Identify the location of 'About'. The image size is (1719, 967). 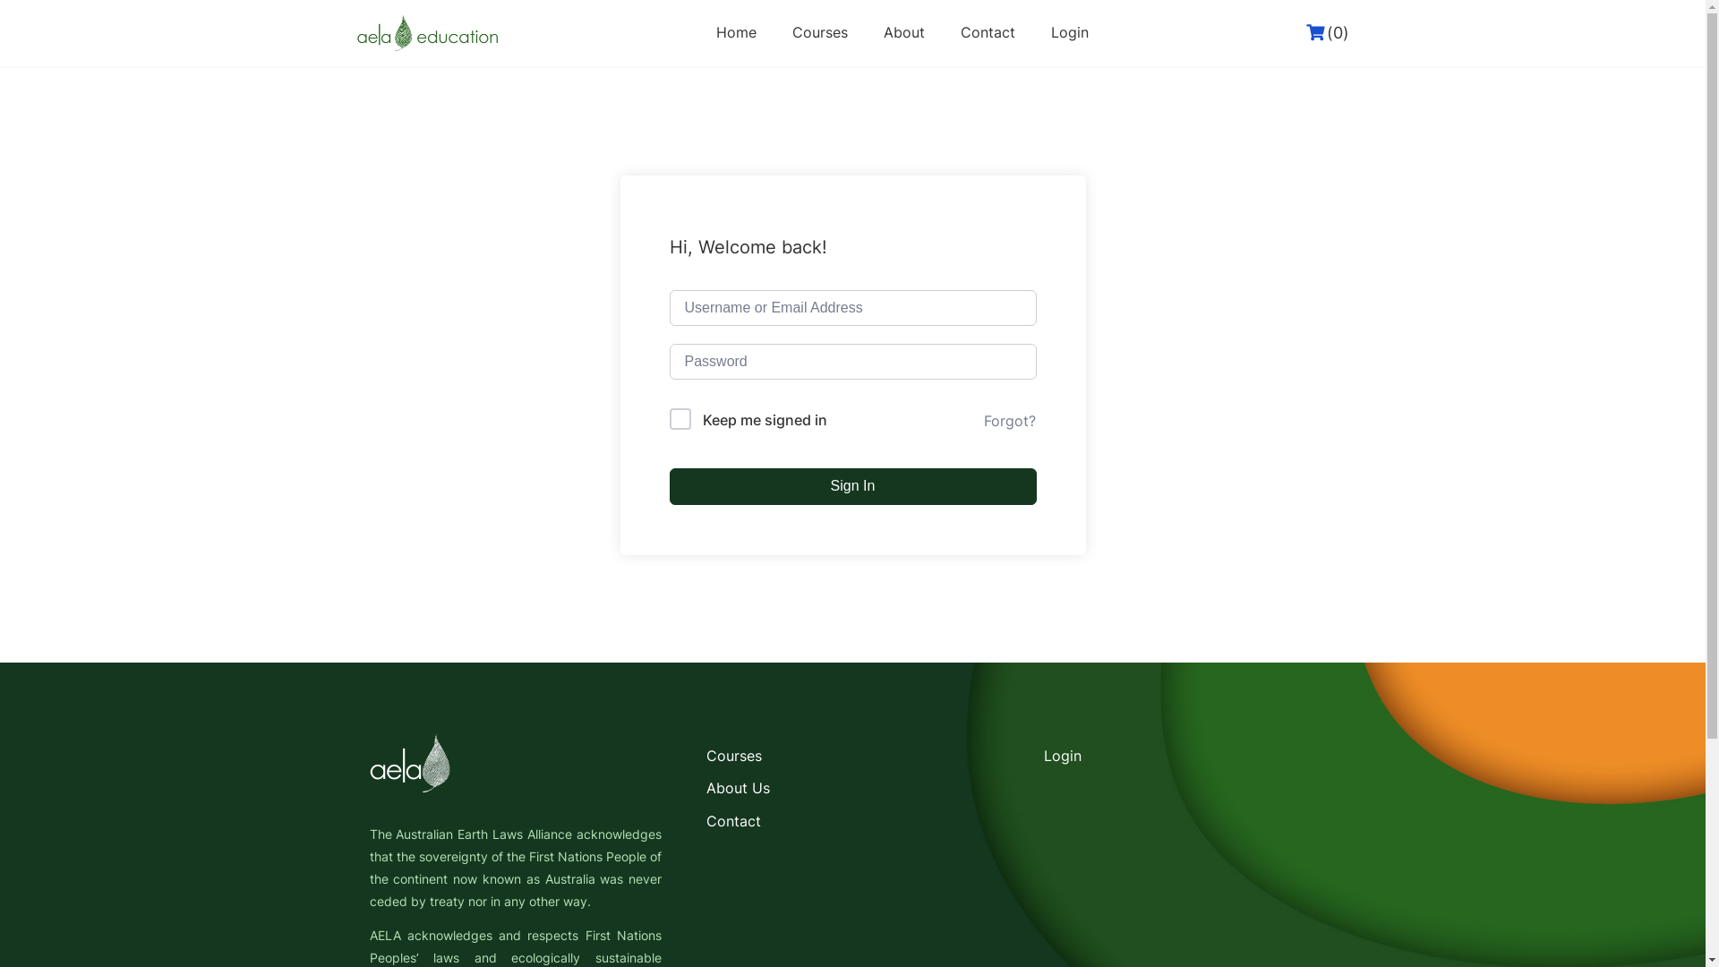
(903, 32).